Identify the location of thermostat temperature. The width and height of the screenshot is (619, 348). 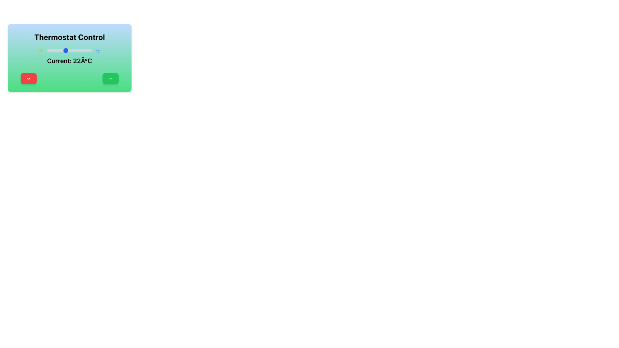
(77, 50).